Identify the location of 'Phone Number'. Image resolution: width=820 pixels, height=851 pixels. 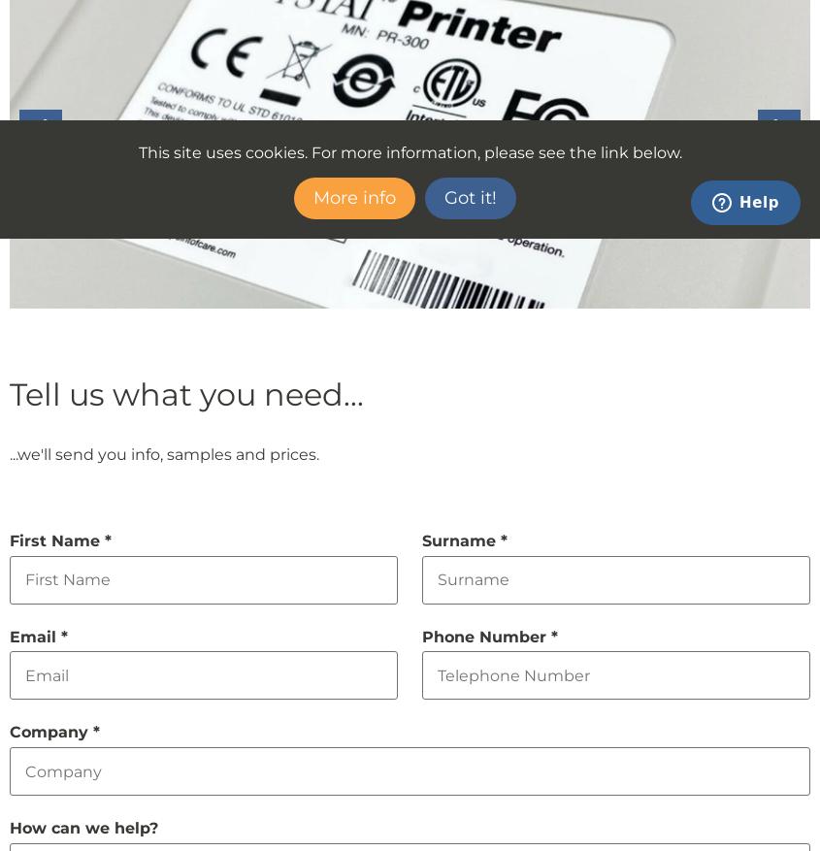
(486, 636).